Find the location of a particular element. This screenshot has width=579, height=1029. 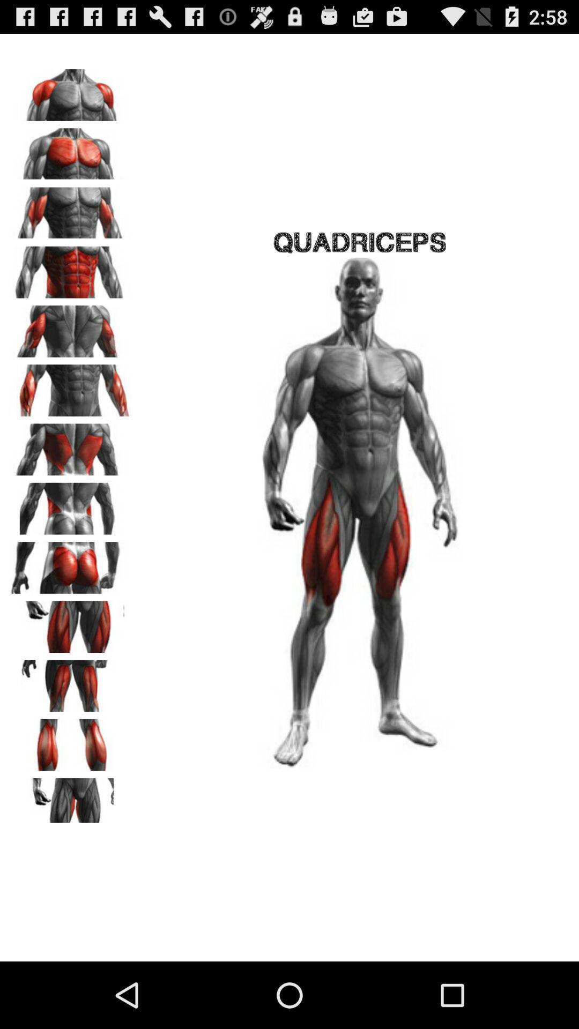

biceps workout is located at coordinates (70, 210).